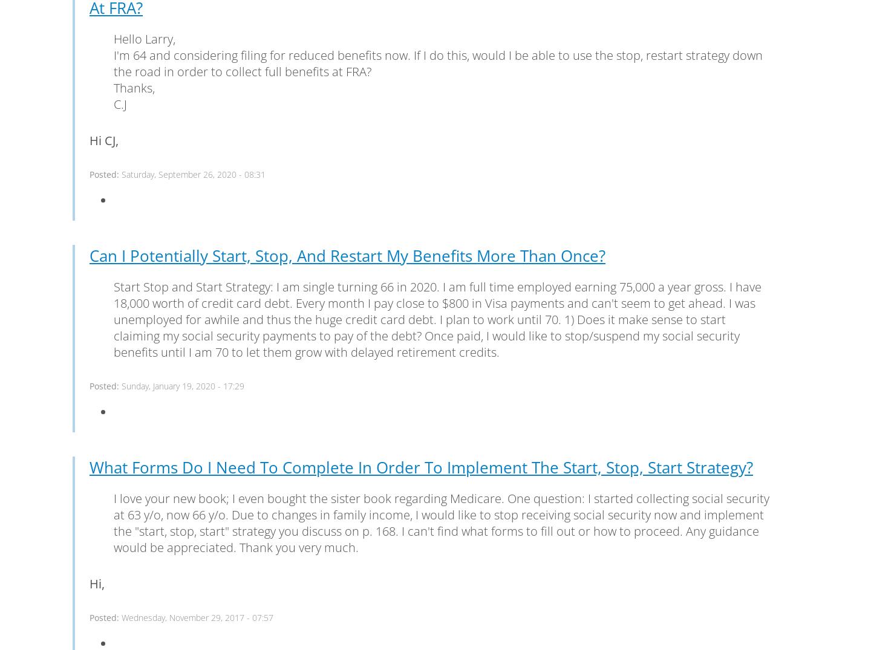 This screenshot has width=871, height=650. Describe the element at coordinates (103, 139) in the screenshot. I see `'Hi CJ,'` at that location.